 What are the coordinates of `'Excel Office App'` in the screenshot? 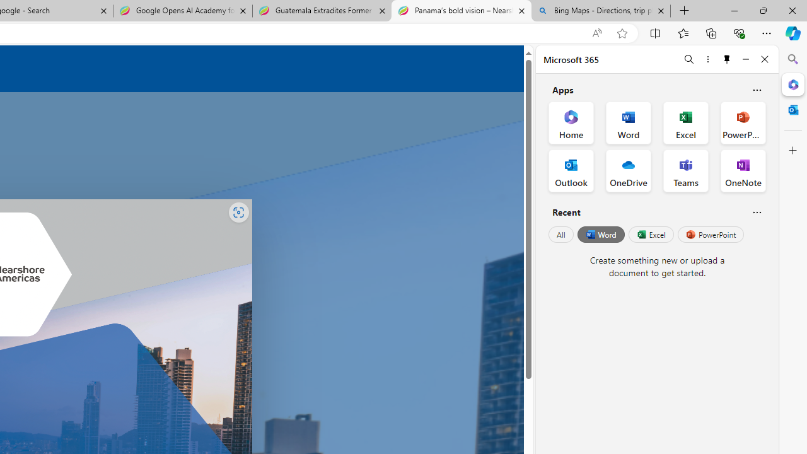 It's located at (685, 123).